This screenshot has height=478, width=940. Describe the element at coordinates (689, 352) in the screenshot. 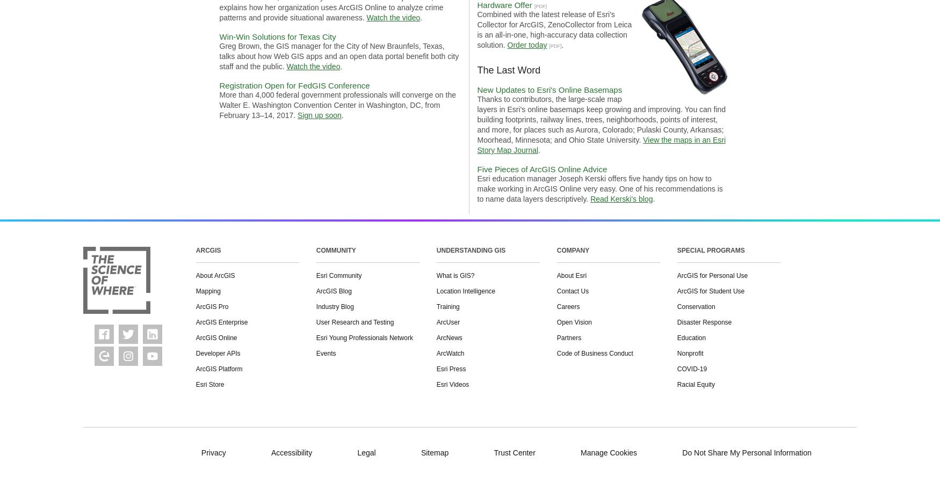

I see `'Nonprofit'` at that location.